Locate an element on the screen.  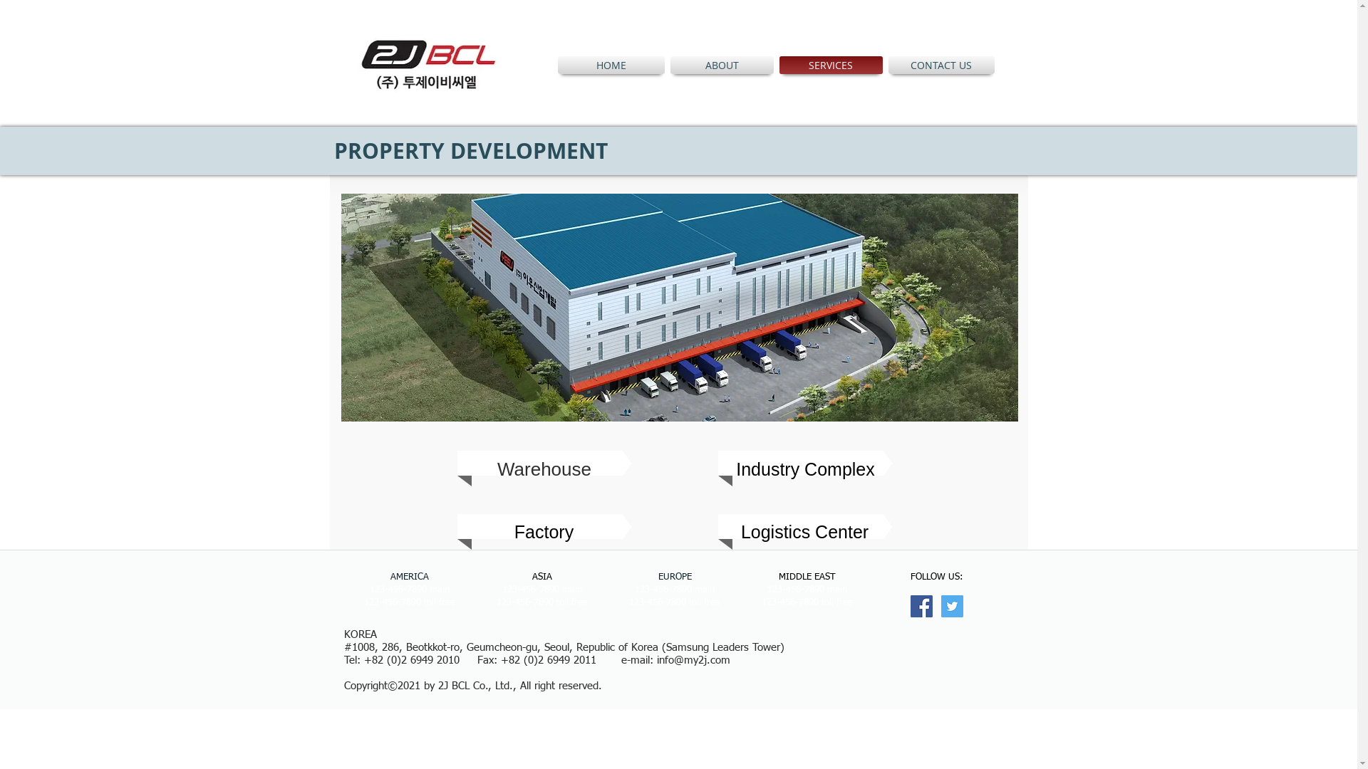
'SERVICES' is located at coordinates (831, 65).